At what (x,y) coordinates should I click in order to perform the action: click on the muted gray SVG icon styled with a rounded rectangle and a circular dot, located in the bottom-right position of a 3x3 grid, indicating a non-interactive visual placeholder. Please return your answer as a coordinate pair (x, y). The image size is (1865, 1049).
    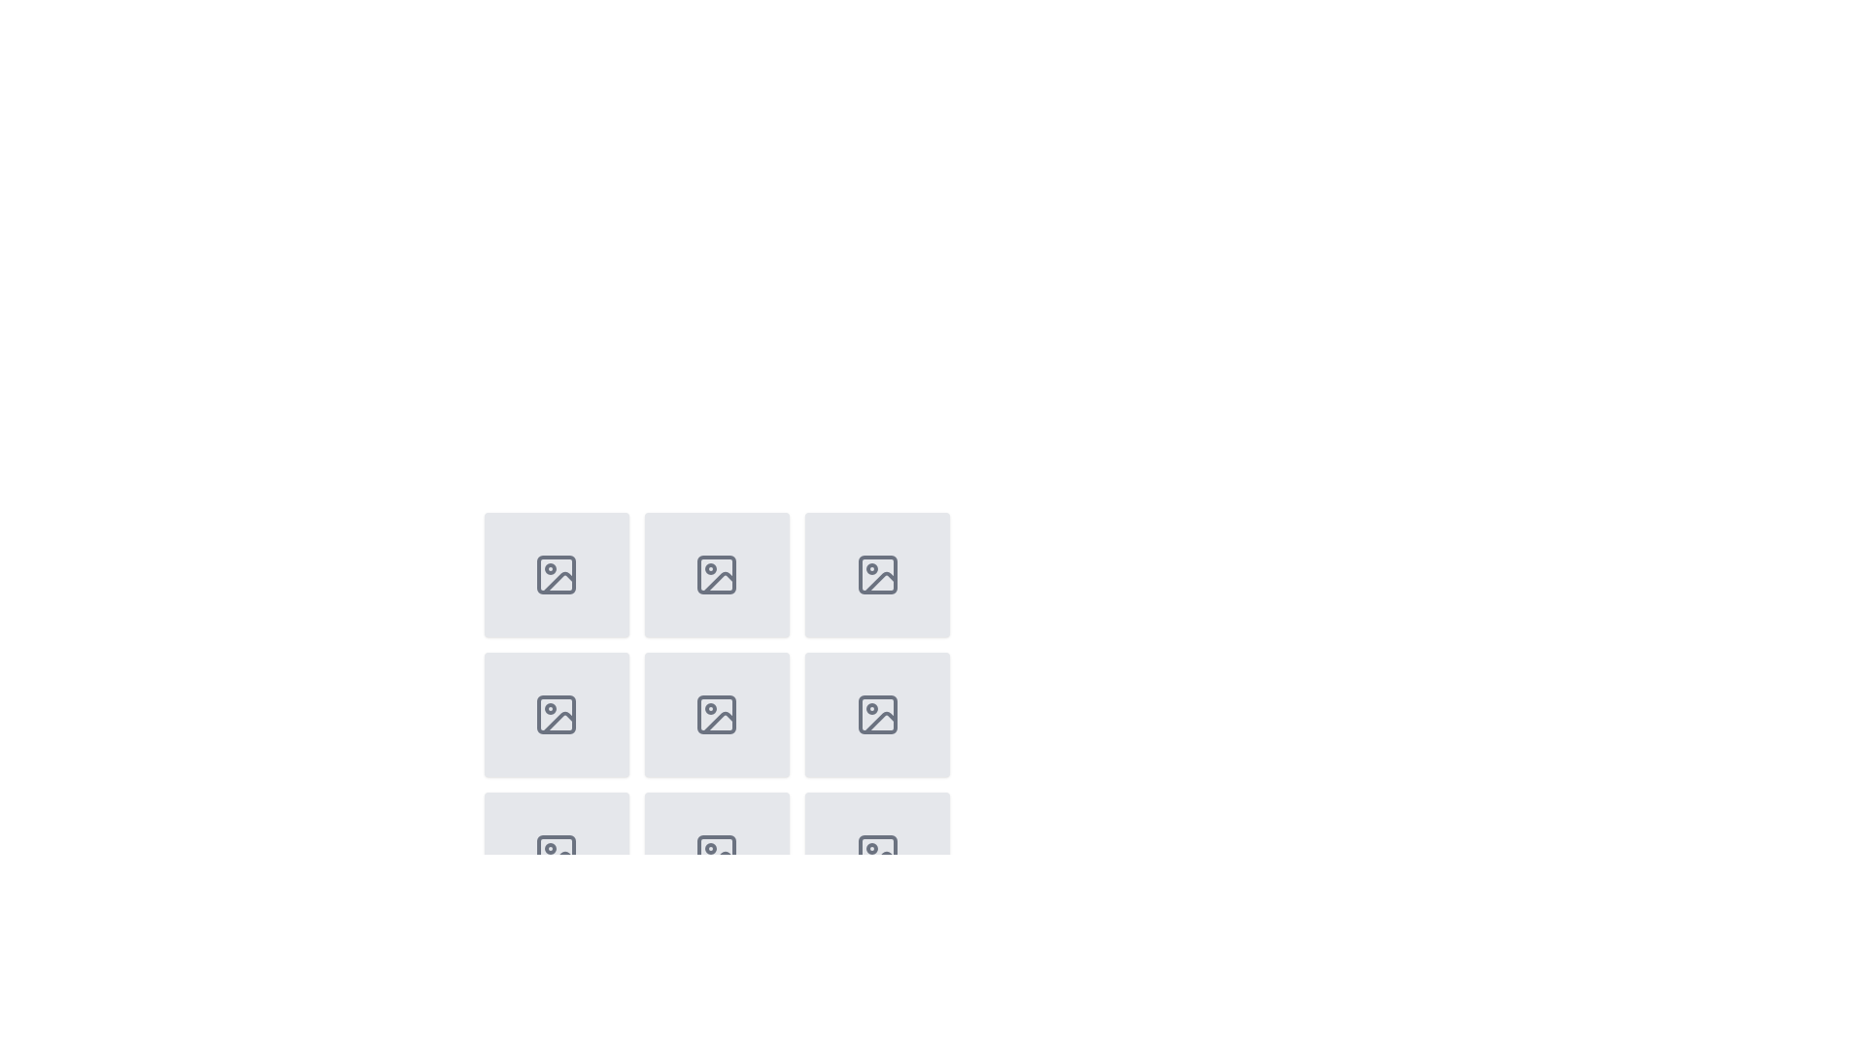
    Looking at the image, I should click on (876, 715).